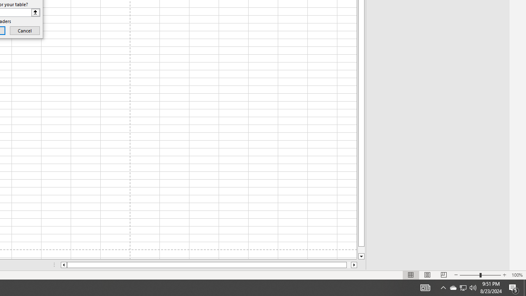  Describe the element at coordinates (427, 275) in the screenshot. I see `'Page Layout'` at that location.